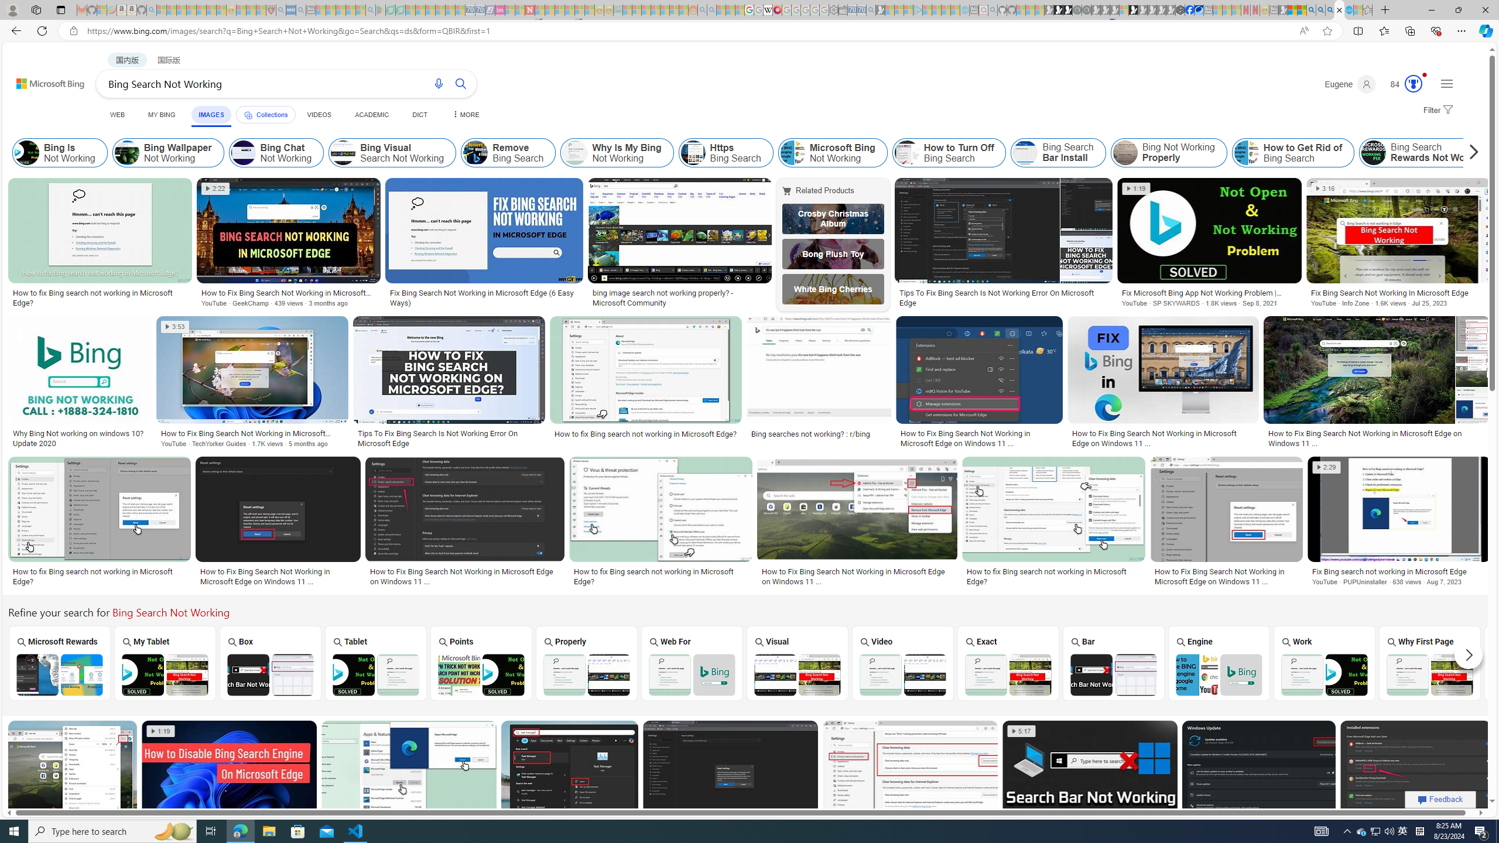 The height and width of the screenshot is (843, 1499). What do you see at coordinates (1326, 467) in the screenshot?
I see `'2:29'` at bounding box center [1326, 467].